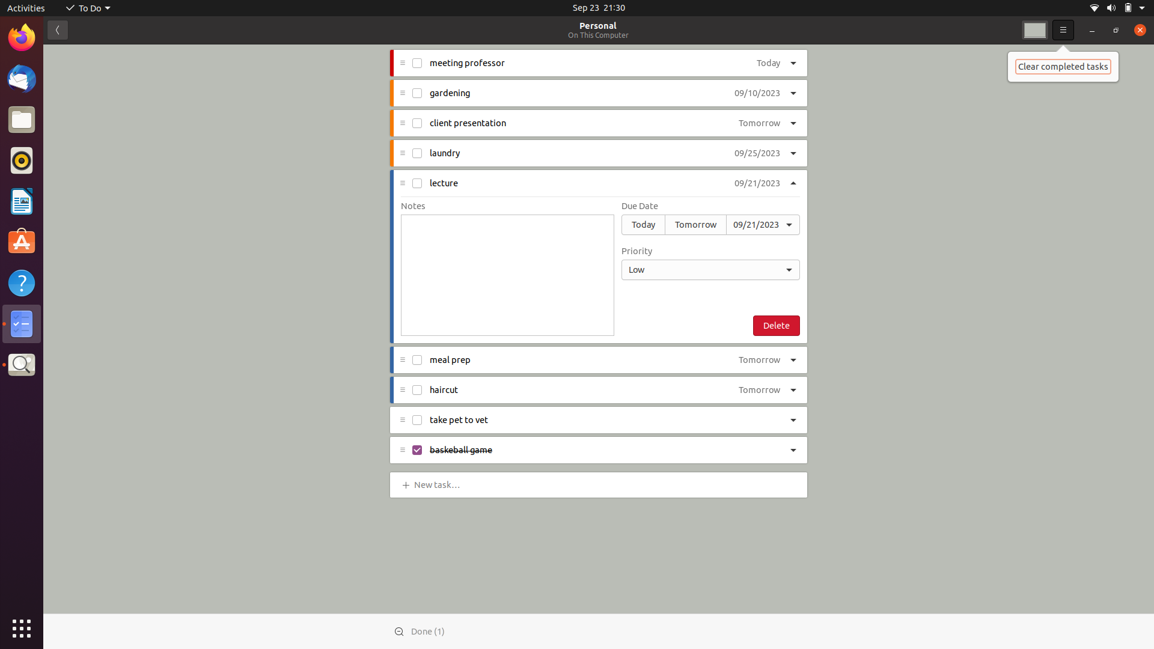 This screenshot has height=649, width=1154. What do you see at coordinates (418, 152) in the screenshot?
I see `Indicate "laundry" task has been accomplished` at bounding box center [418, 152].